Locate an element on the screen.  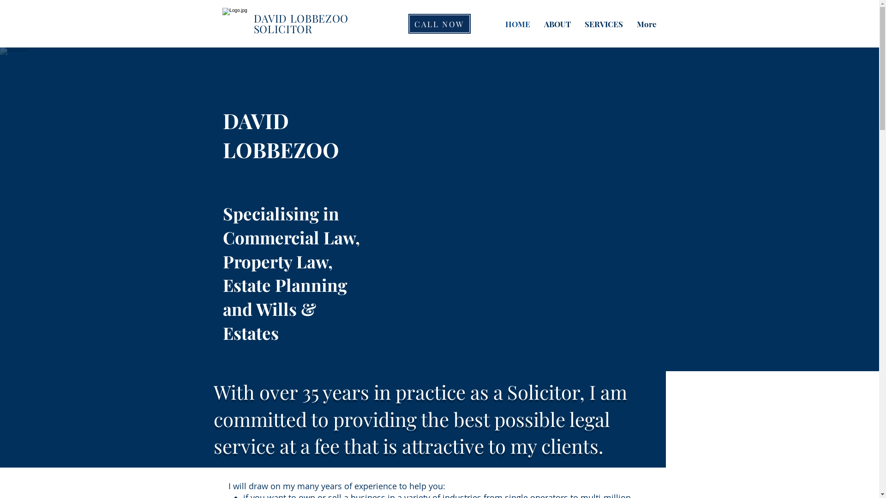
'ABOUT' is located at coordinates (557, 23).